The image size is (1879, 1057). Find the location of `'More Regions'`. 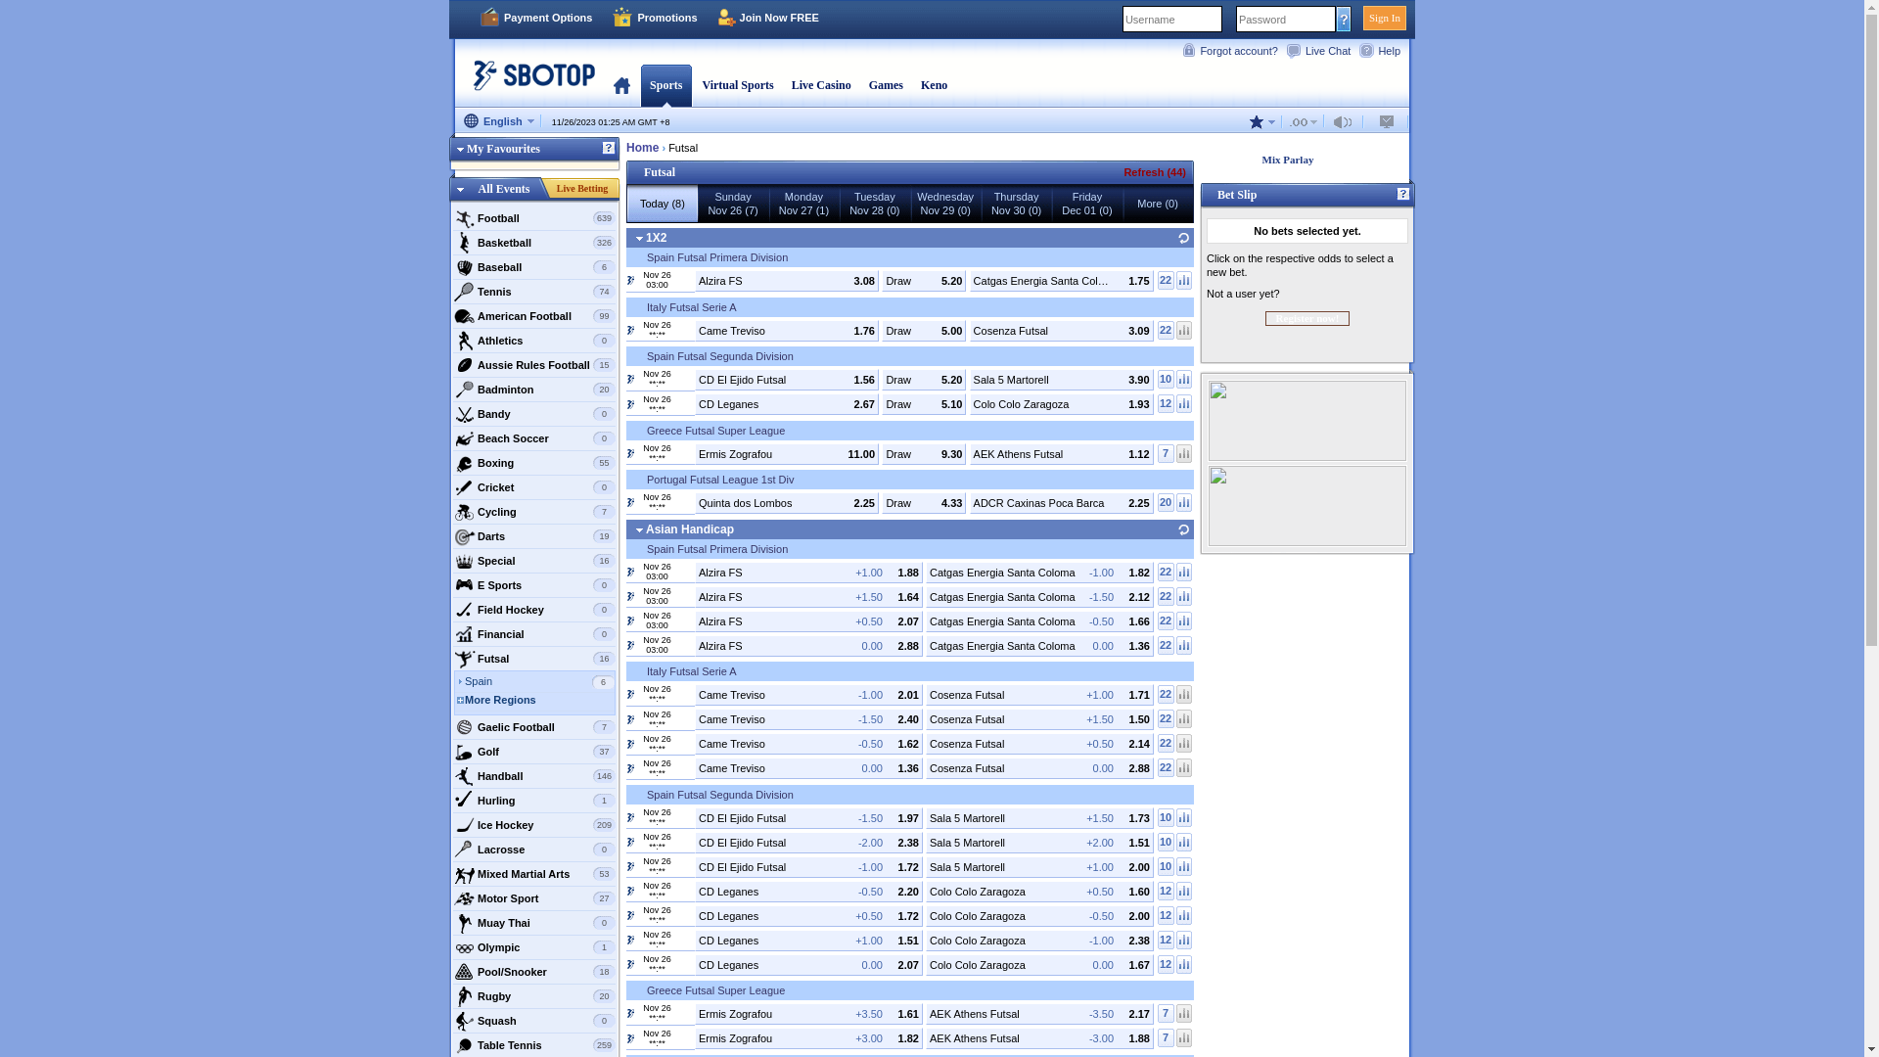

'More Regions' is located at coordinates (539, 701).